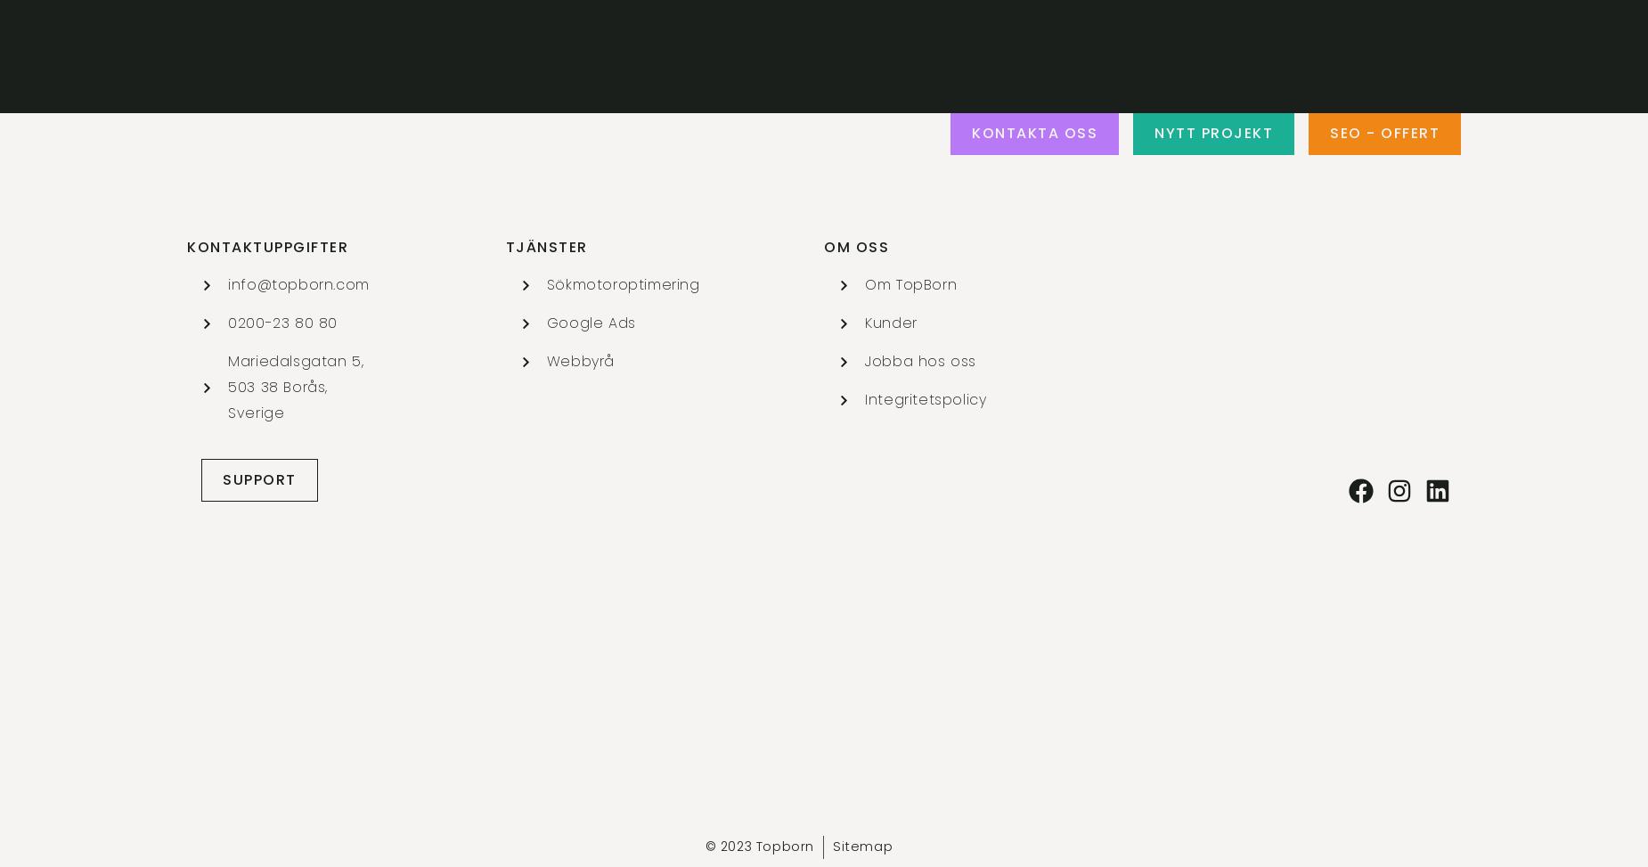 This screenshot has height=867, width=1648. I want to click on '0200-23 80 80', so click(281, 322).